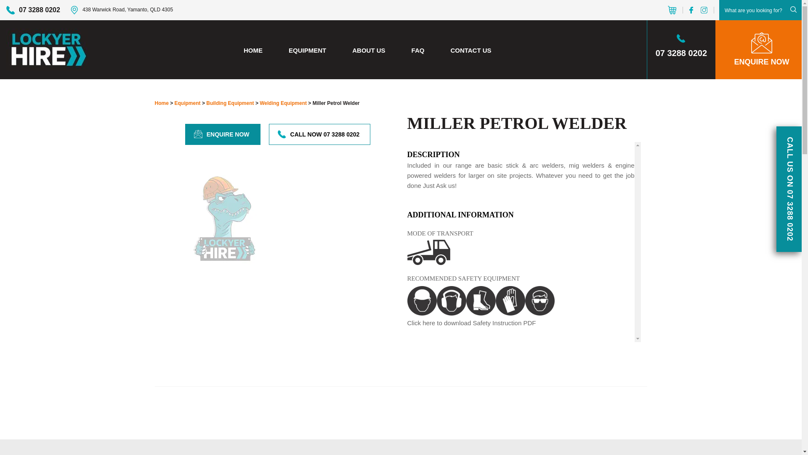 This screenshot has width=808, height=455. I want to click on 'HOME', so click(252, 50).